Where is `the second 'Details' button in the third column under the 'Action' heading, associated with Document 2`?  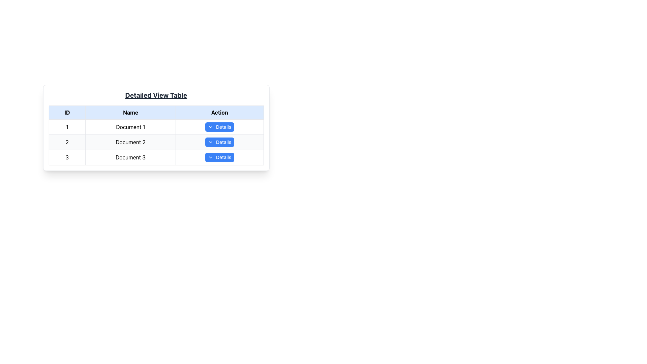
the second 'Details' button in the third column under the 'Action' heading, associated with Document 2 is located at coordinates (219, 142).